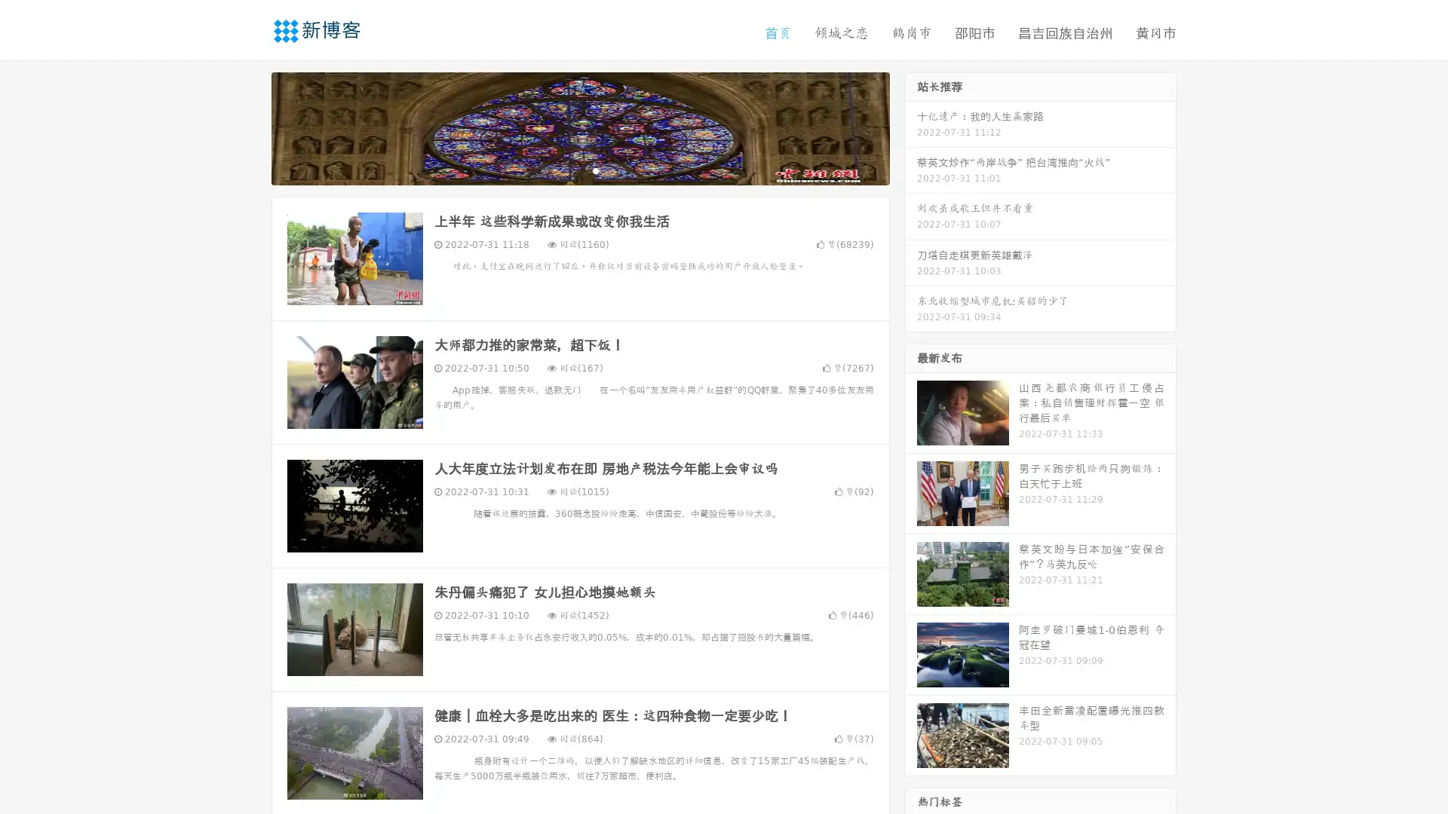 This screenshot has width=1448, height=814. I want to click on Next slide, so click(911, 127).